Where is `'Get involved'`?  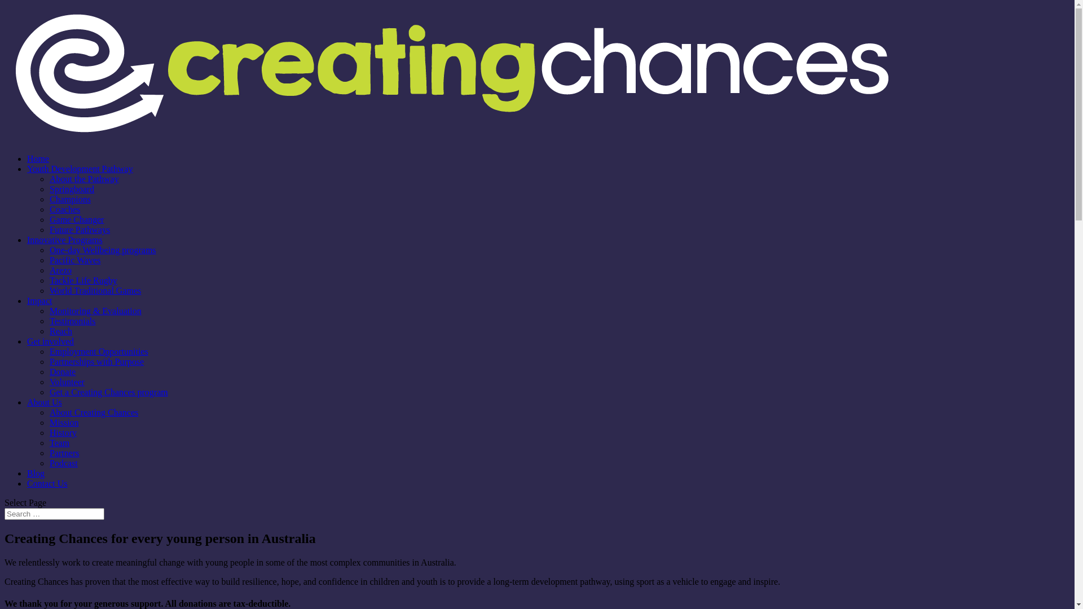 'Get involved' is located at coordinates (50, 341).